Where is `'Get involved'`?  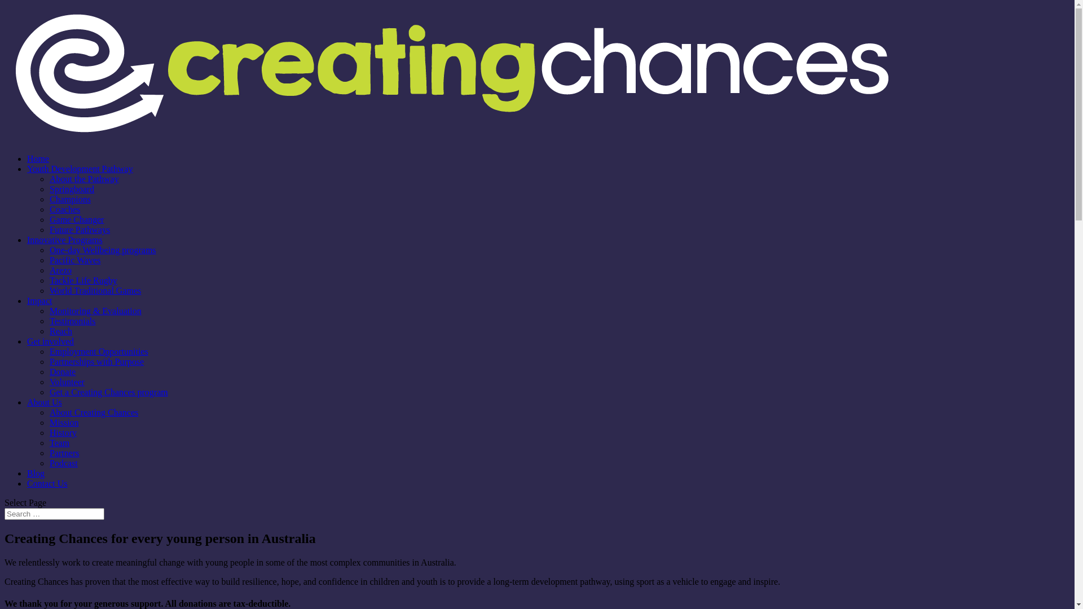 'Get involved' is located at coordinates (50, 341).